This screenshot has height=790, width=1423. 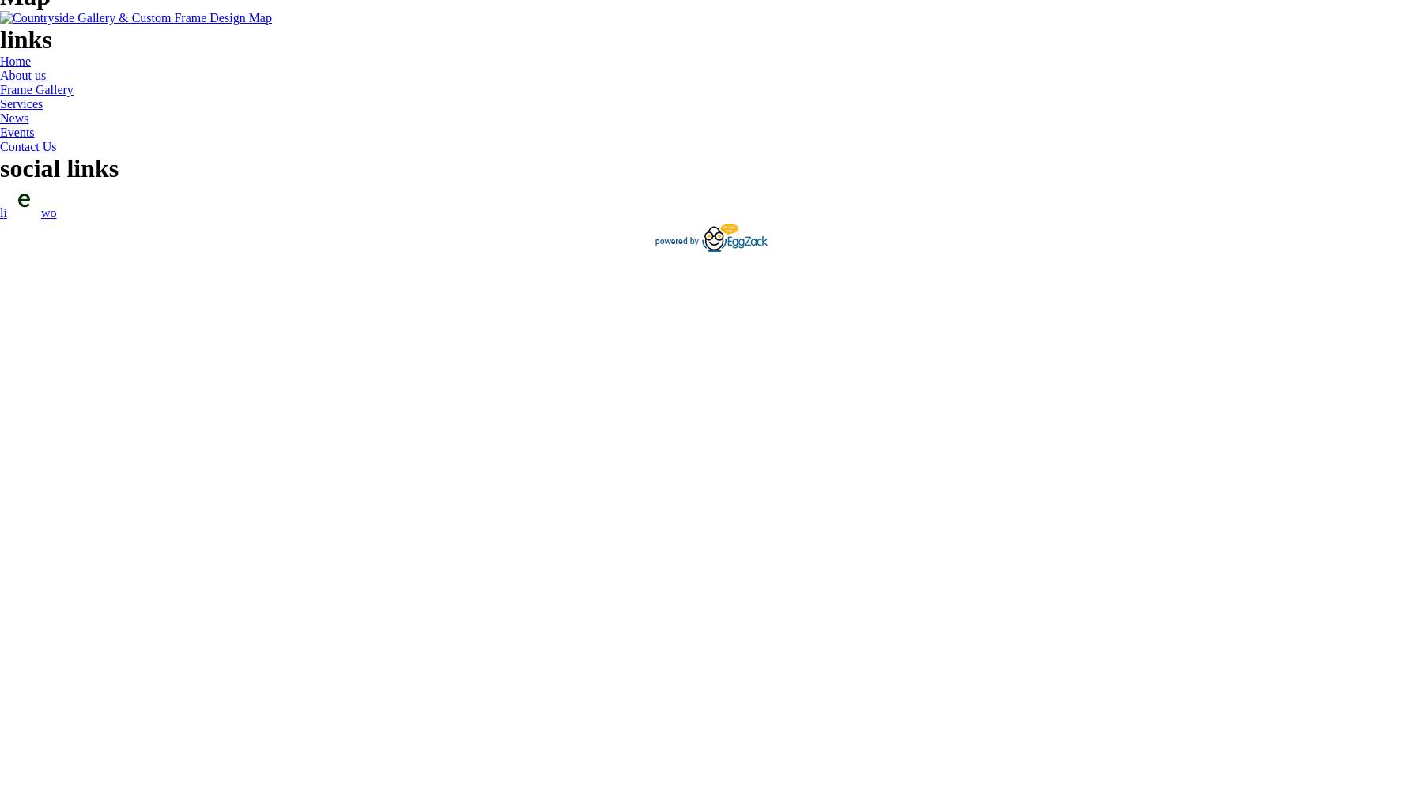 What do you see at coordinates (0, 213) in the screenshot?
I see `'l'` at bounding box center [0, 213].